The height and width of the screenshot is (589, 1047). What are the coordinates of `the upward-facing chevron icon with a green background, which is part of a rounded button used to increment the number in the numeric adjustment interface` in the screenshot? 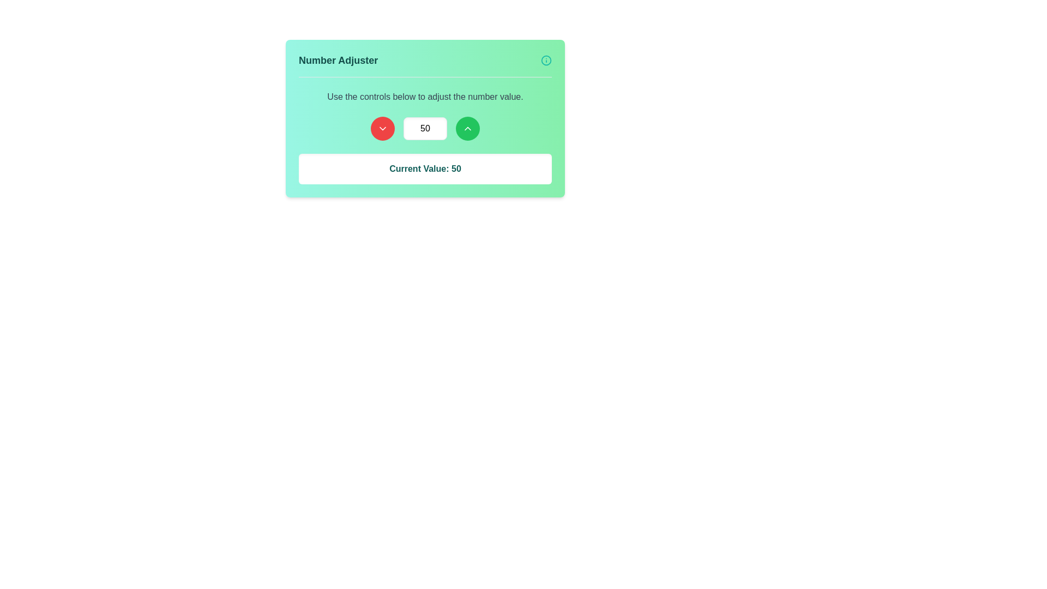 It's located at (468, 128).